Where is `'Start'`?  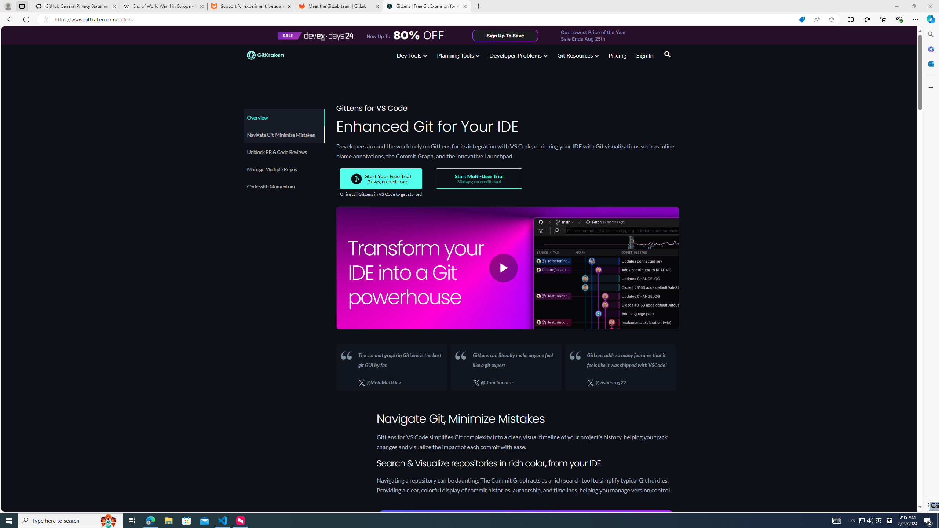
'Start' is located at coordinates (9, 520).